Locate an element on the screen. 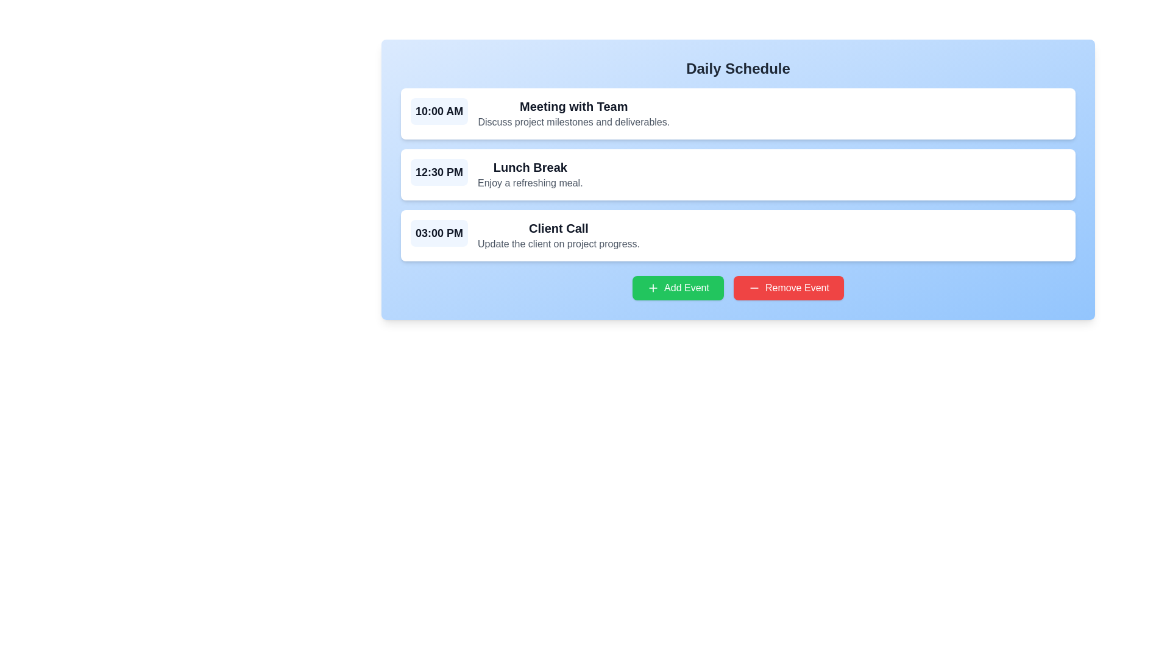  the green 'Add Event' button with rounded corners located below the schedule entries is located at coordinates (678, 288).